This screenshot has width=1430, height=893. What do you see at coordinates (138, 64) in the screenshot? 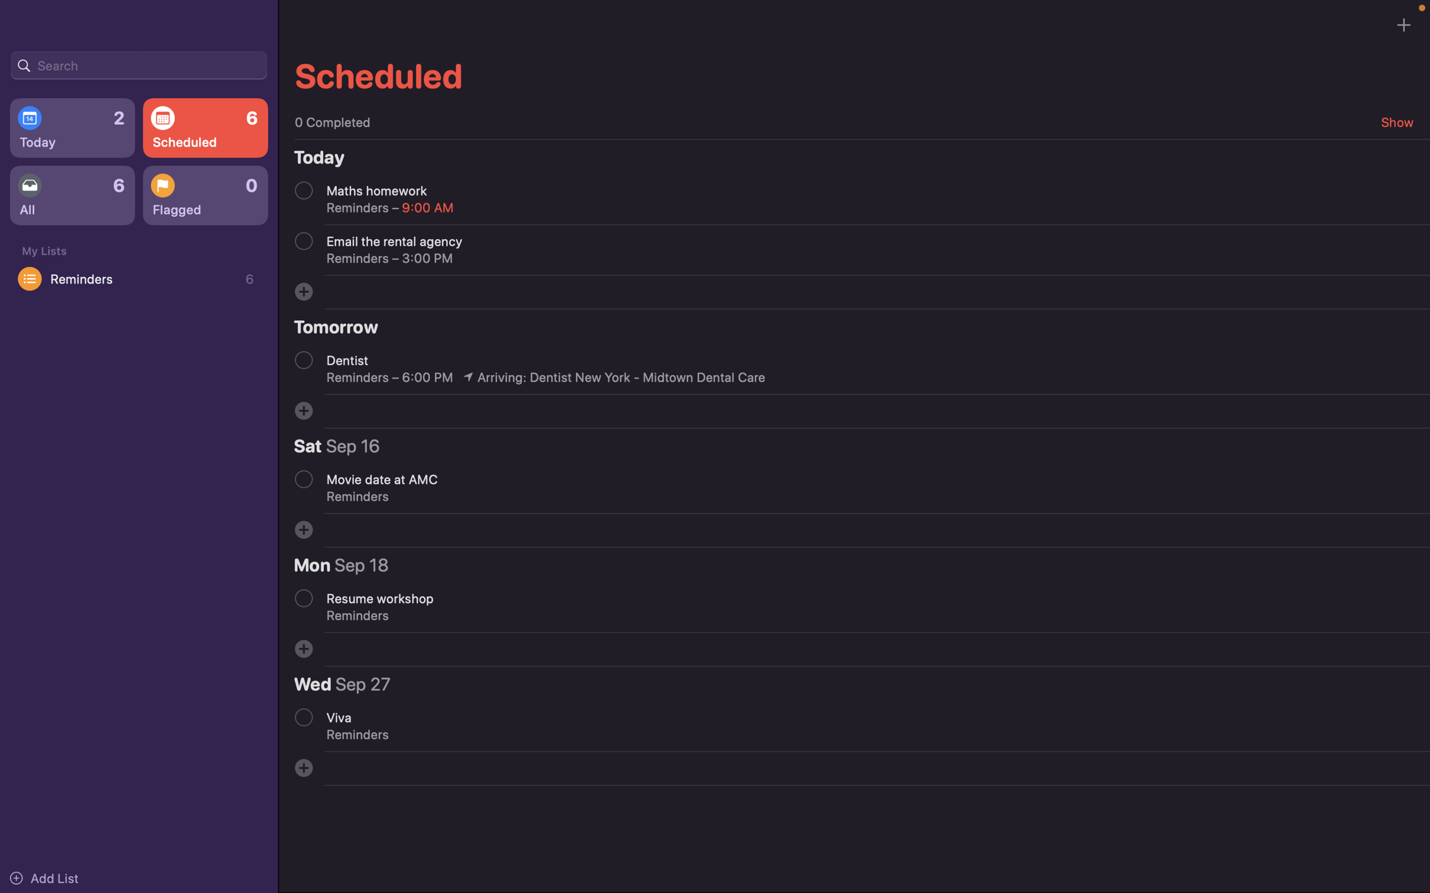
I see `a specific event by typing it into the search bar` at bounding box center [138, 64].